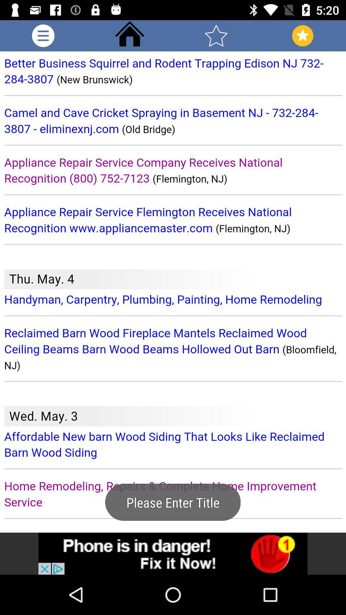  What do you see at coordinates (216, 35) in the screenshot?
I see `favorite` at bounding box center [216, 35].